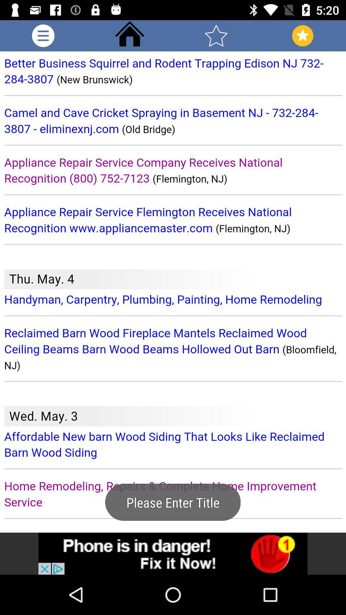  What do you see at coordinates (216, 35) in the screenshot?
I see `favorite` at bounding box center [216, 35].